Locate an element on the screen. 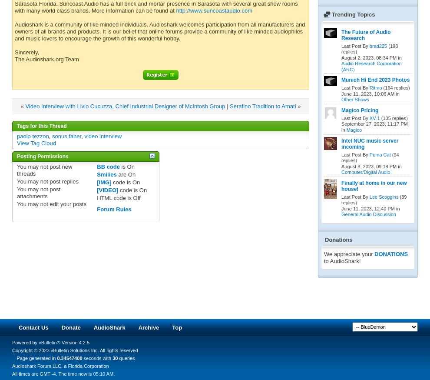 This screenshot has height=380, width=430. '|' is located at coordinates (227, 106).